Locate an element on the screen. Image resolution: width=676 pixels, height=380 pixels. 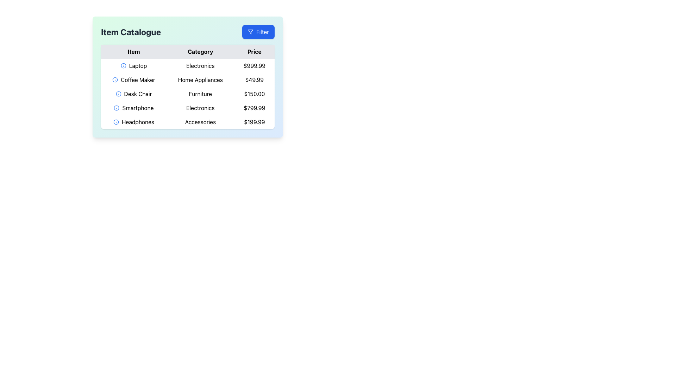
the decorative circle SVG icon located in the first column of the data table, corresponding to the 'Item' section in the first row, left of the 'Laptop' description is located at coordinates (123, 65).